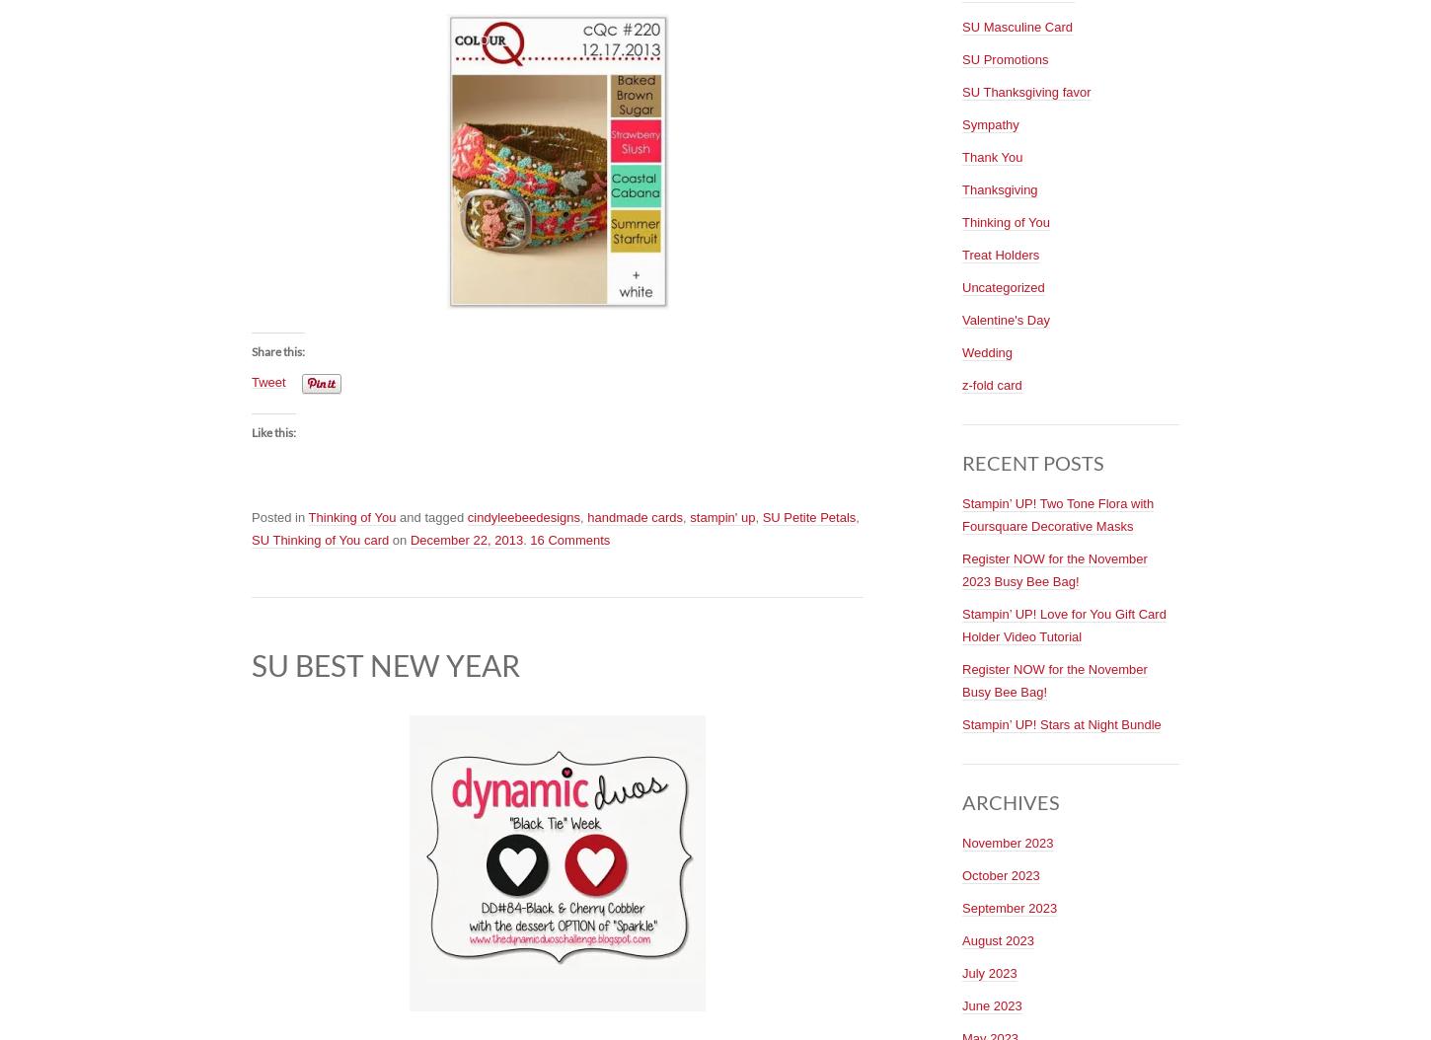 This screenshot has width=1431, height=1040. Describe the element at coordinates (987, 351) in the screenshot. I see `'Wedding'` at that location.